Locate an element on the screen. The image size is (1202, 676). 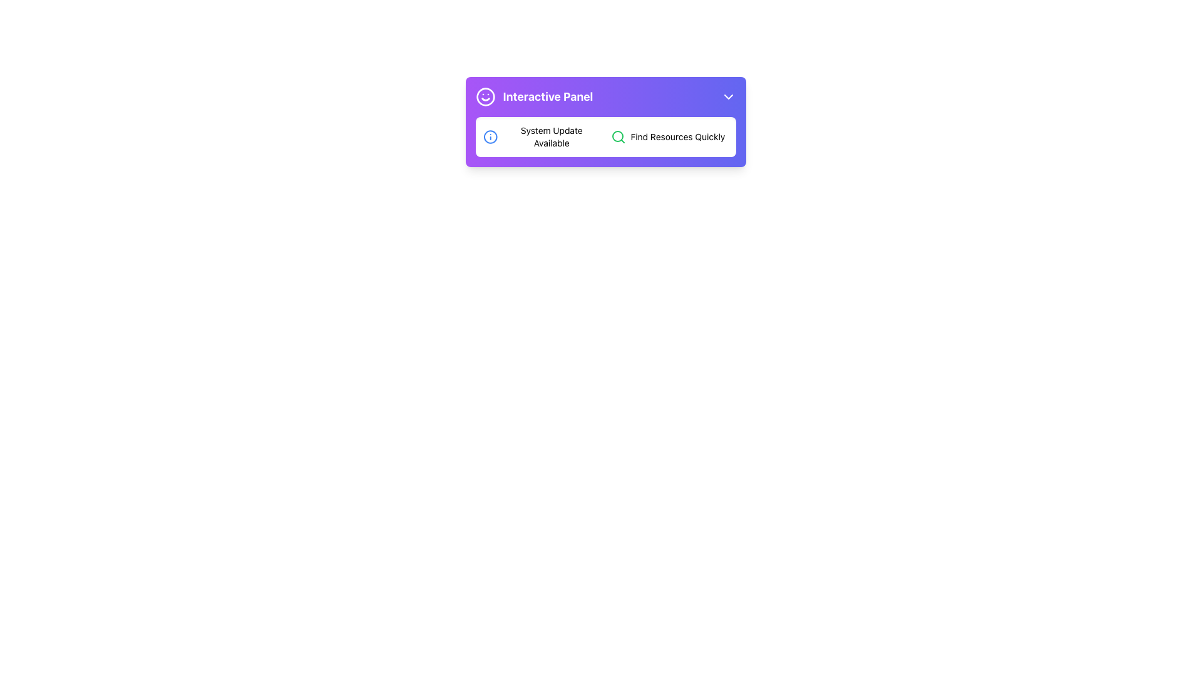
the bold text label displaying the title 'Interactive Panel' which is located in the center of a purple header bar, adjacent to a smiley face icon on the left and a downward chevron icon on the right is located at coordinates (548, 96).